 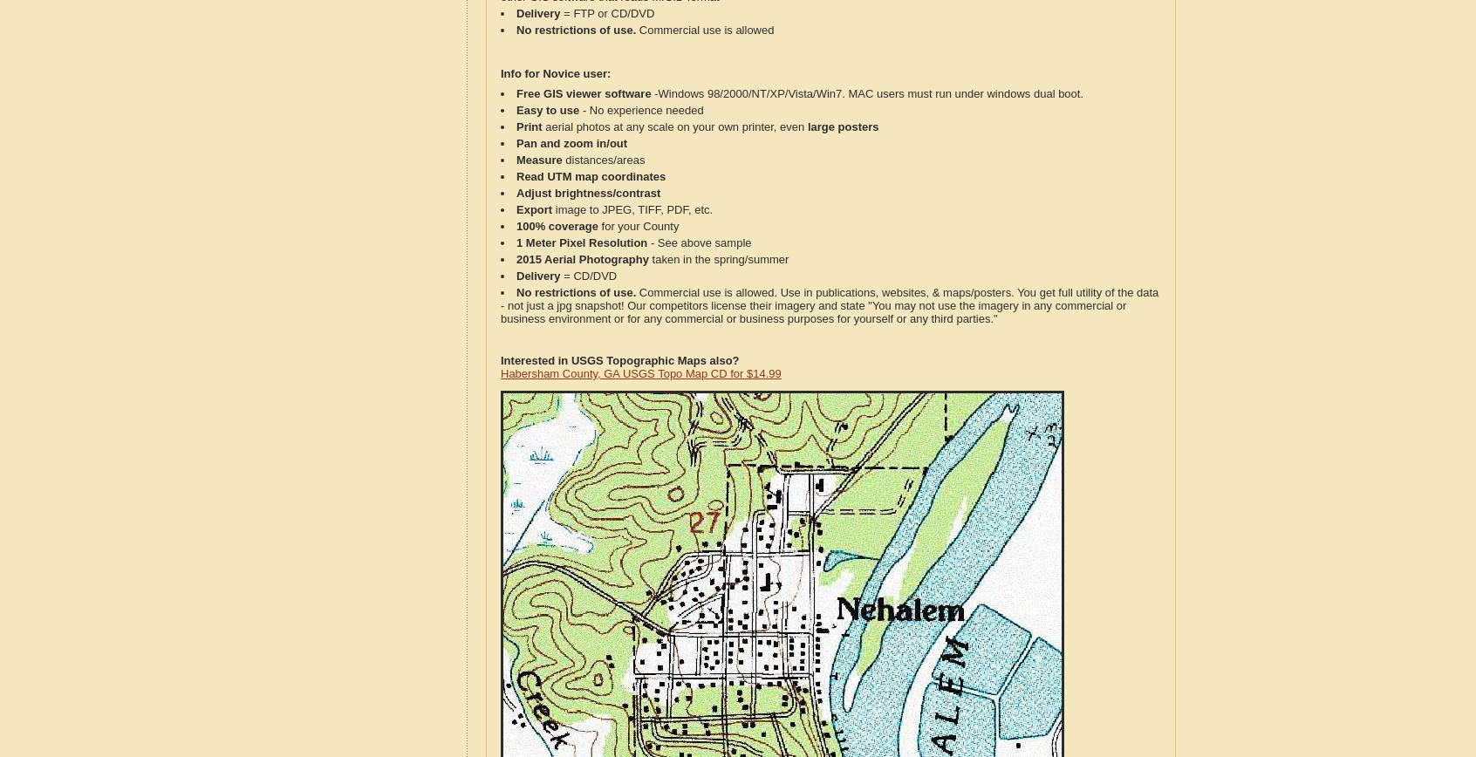 What do you see at coordinates (699, 242) in the screenshot?
I see `'- See above sample'` at bounding box center [699, 242].